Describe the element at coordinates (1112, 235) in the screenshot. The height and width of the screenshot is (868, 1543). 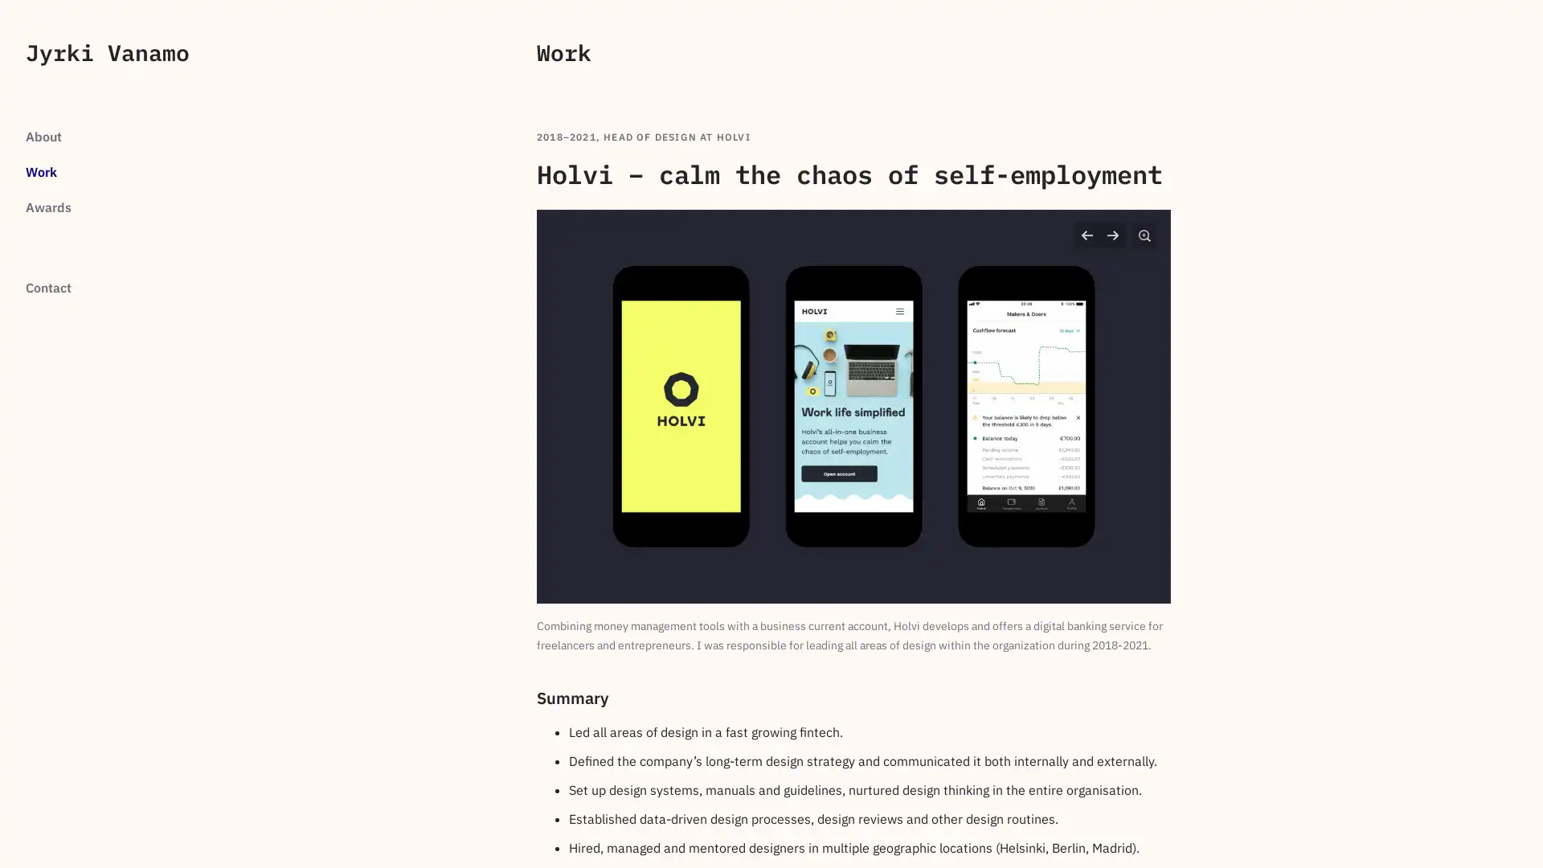
I see `Next slide` at that location.